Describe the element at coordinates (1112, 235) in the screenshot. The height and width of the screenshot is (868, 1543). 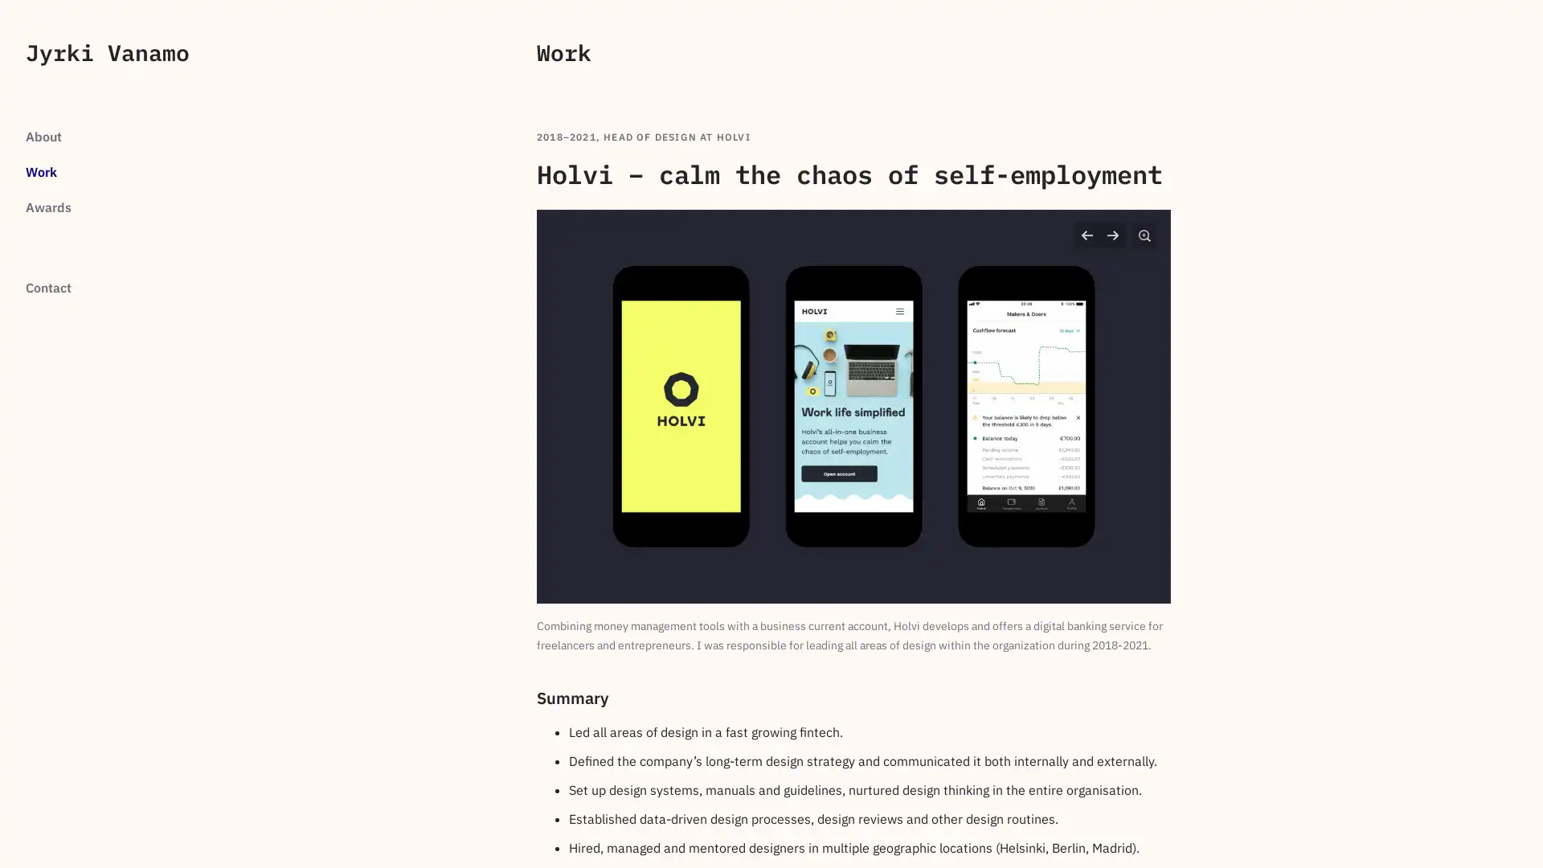
I see `Next slide` at that location.